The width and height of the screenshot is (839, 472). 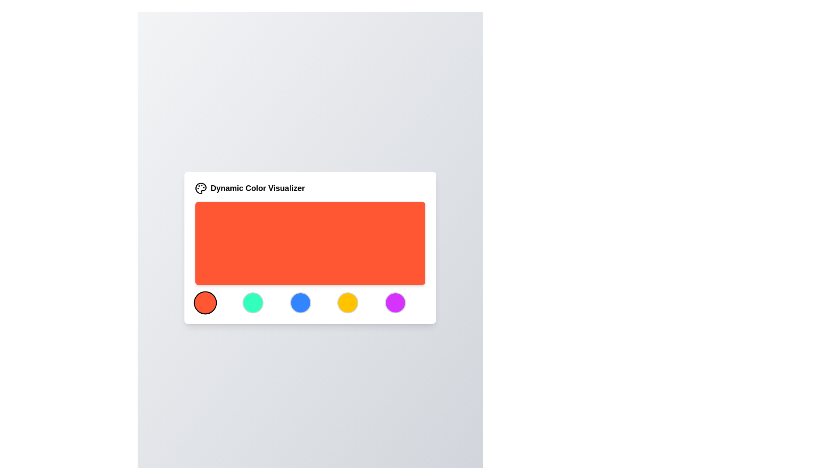 I want to click on the circular yellow button with a gray outline, positioned fourth in a horizontal grid of five, so click(x=347, y=302).